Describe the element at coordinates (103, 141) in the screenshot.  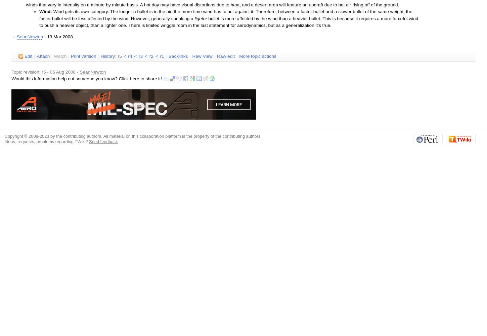
I see `'Send feedback'` at that location.